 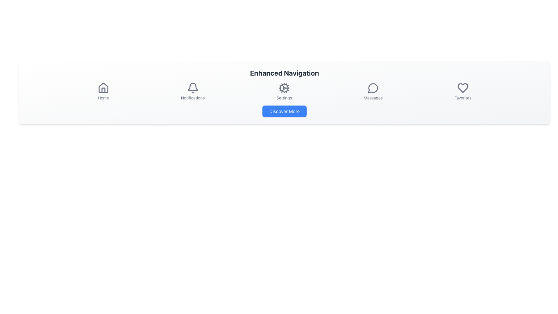 I want to click on the notification bell icon, which is a gray vector graphic located in the second position from the left in a horizontal navigation bar, so click(x=193, y=87).